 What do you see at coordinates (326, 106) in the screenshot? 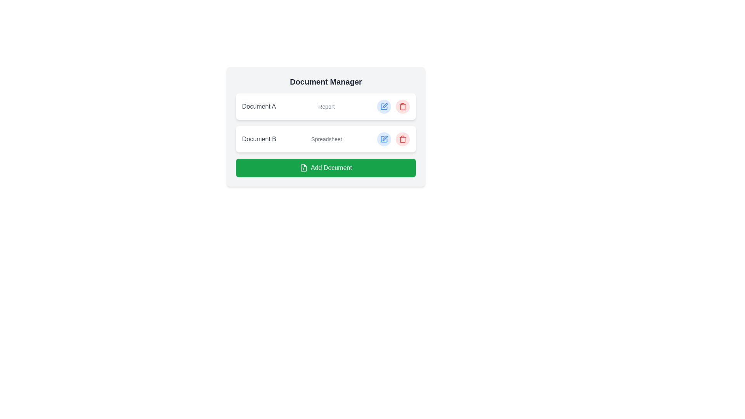
I see `the text label 'Report' which indicates the category of 'Document A' in the Document Manager section` at bounding box center [326, 106].